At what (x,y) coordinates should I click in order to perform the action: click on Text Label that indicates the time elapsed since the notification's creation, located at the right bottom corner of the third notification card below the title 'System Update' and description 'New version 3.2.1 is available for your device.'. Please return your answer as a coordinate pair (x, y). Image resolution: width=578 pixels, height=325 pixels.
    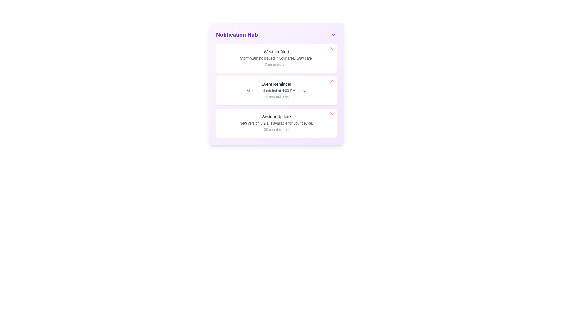
    Looking at the image, I should click on (276, 129).